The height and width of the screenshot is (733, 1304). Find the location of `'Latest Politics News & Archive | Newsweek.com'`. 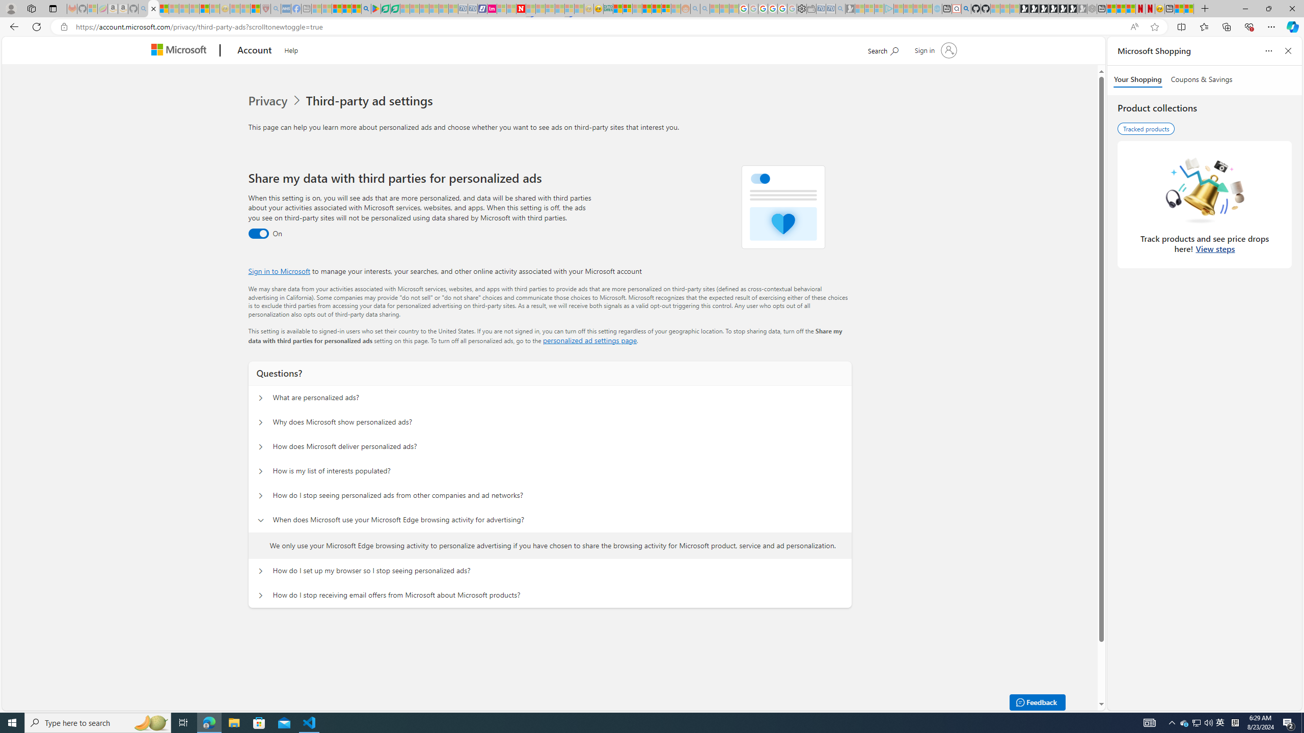

'Latest Politics News & Archive | Newsweek.com' is located at coordinates (521, 8).